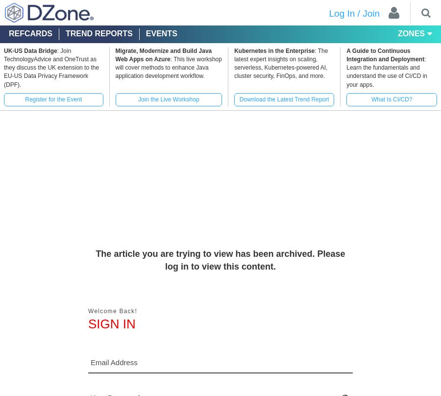 The height and width of the screenshot is (396, 441). Describe the element at coordinates (114, 67) in the screenshot. I see `': This live workshop will cover methods to enhance Java application development workflow.'` at that location.